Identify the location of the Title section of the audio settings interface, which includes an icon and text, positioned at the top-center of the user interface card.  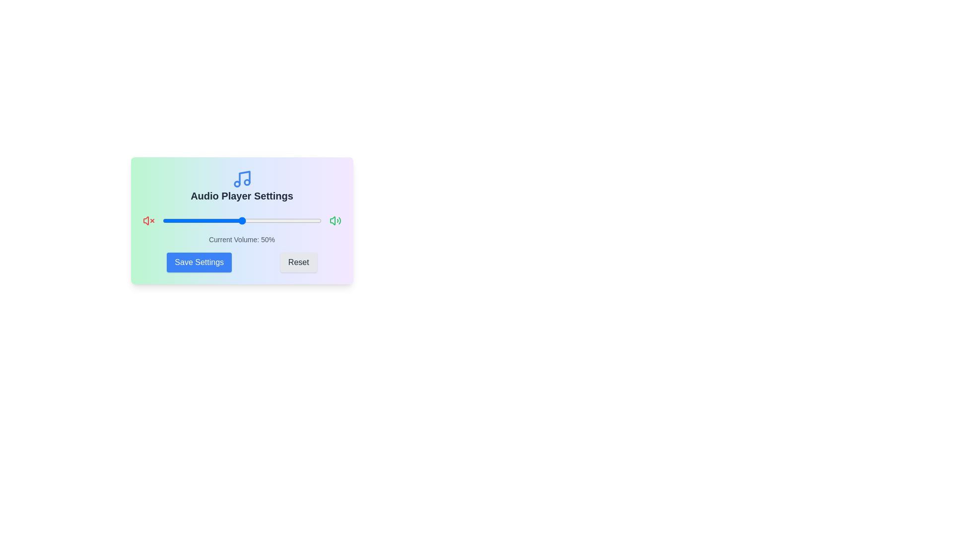
(242, 186).